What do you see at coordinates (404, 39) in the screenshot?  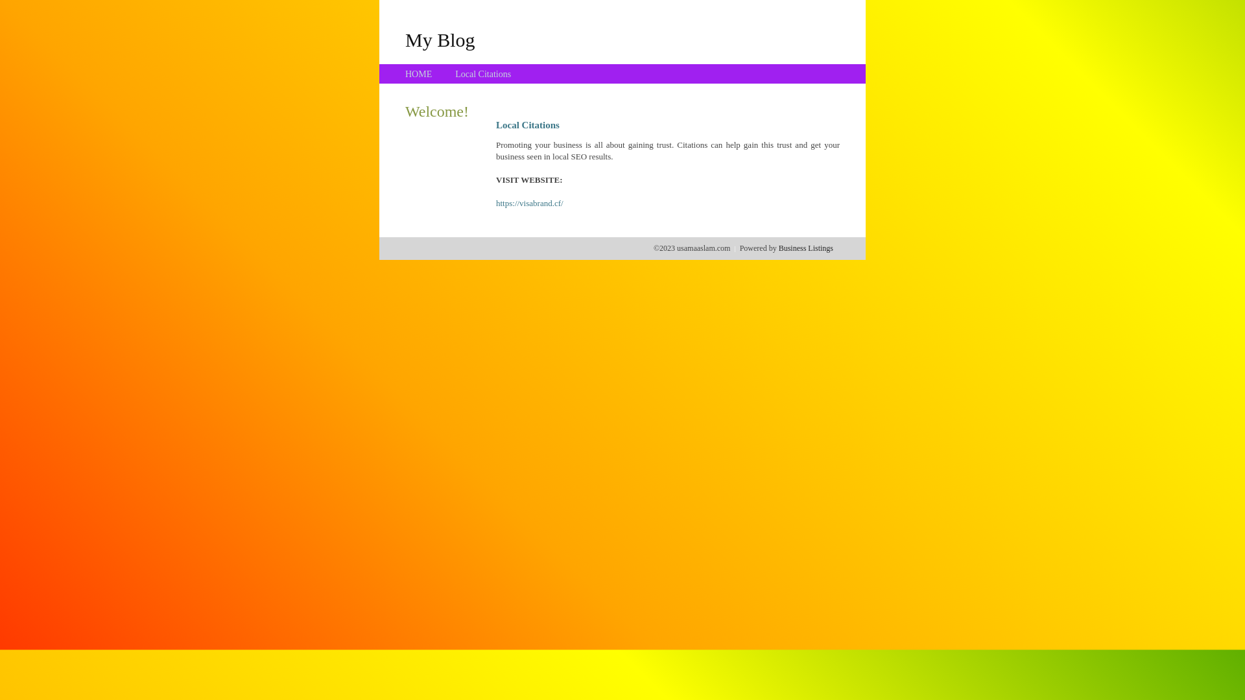 I see `'My Blog'` at bounding box center [404, 39].